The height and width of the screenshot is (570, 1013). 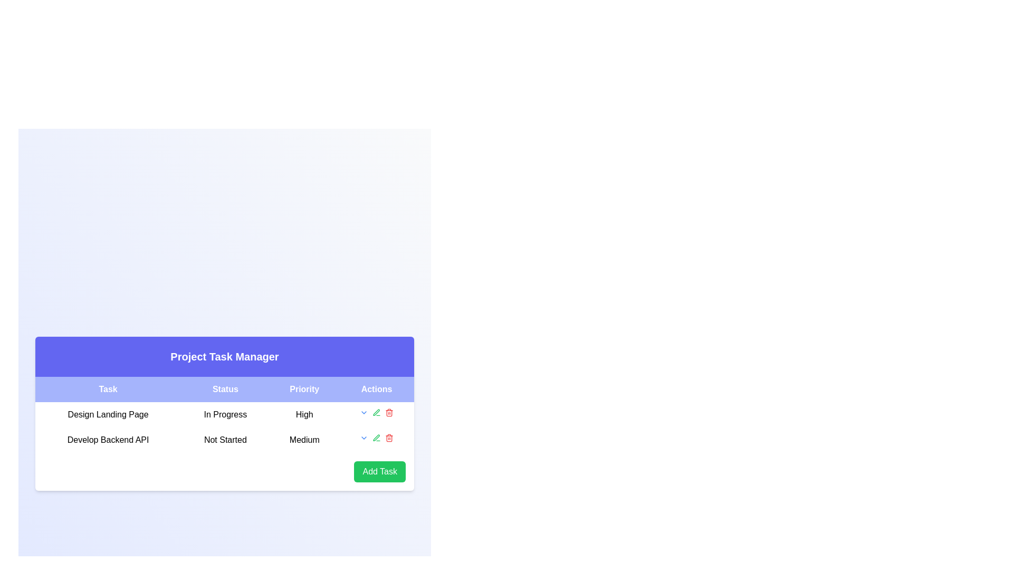 What do you see at coordinates (389, 413) in the screenshot?
I see `the trash can icon located in the 'Actions' column of the second row in the task table, which is associated with the 'Develop Backend API' task` at bounding box center [389, 413].